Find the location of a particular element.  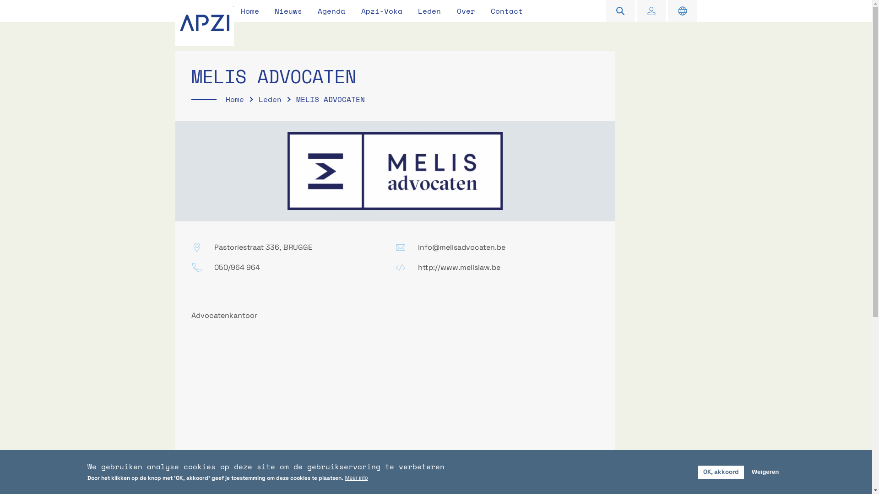

'Over' is located at coordinates (466, 11).